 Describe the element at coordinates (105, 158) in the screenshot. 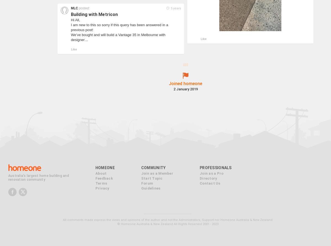

I see `'Homeone'` at that location.